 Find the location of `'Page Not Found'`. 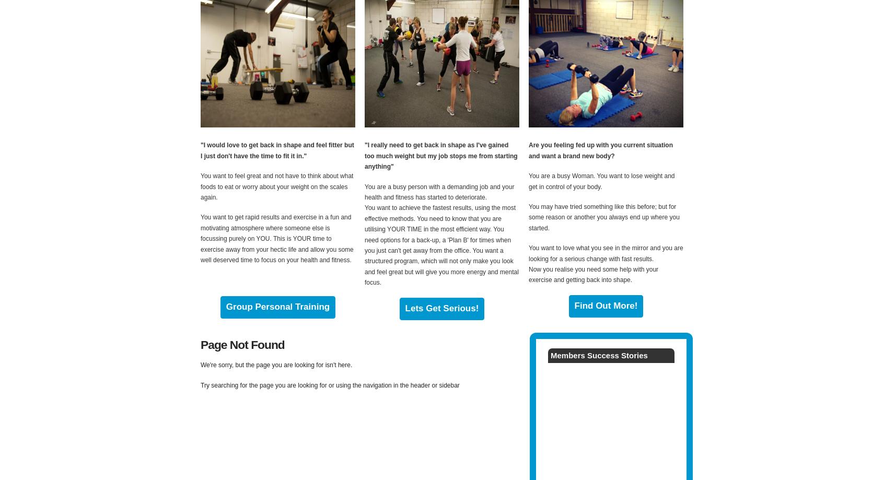

'Page Not Found' is located at coordinates (241, 344).